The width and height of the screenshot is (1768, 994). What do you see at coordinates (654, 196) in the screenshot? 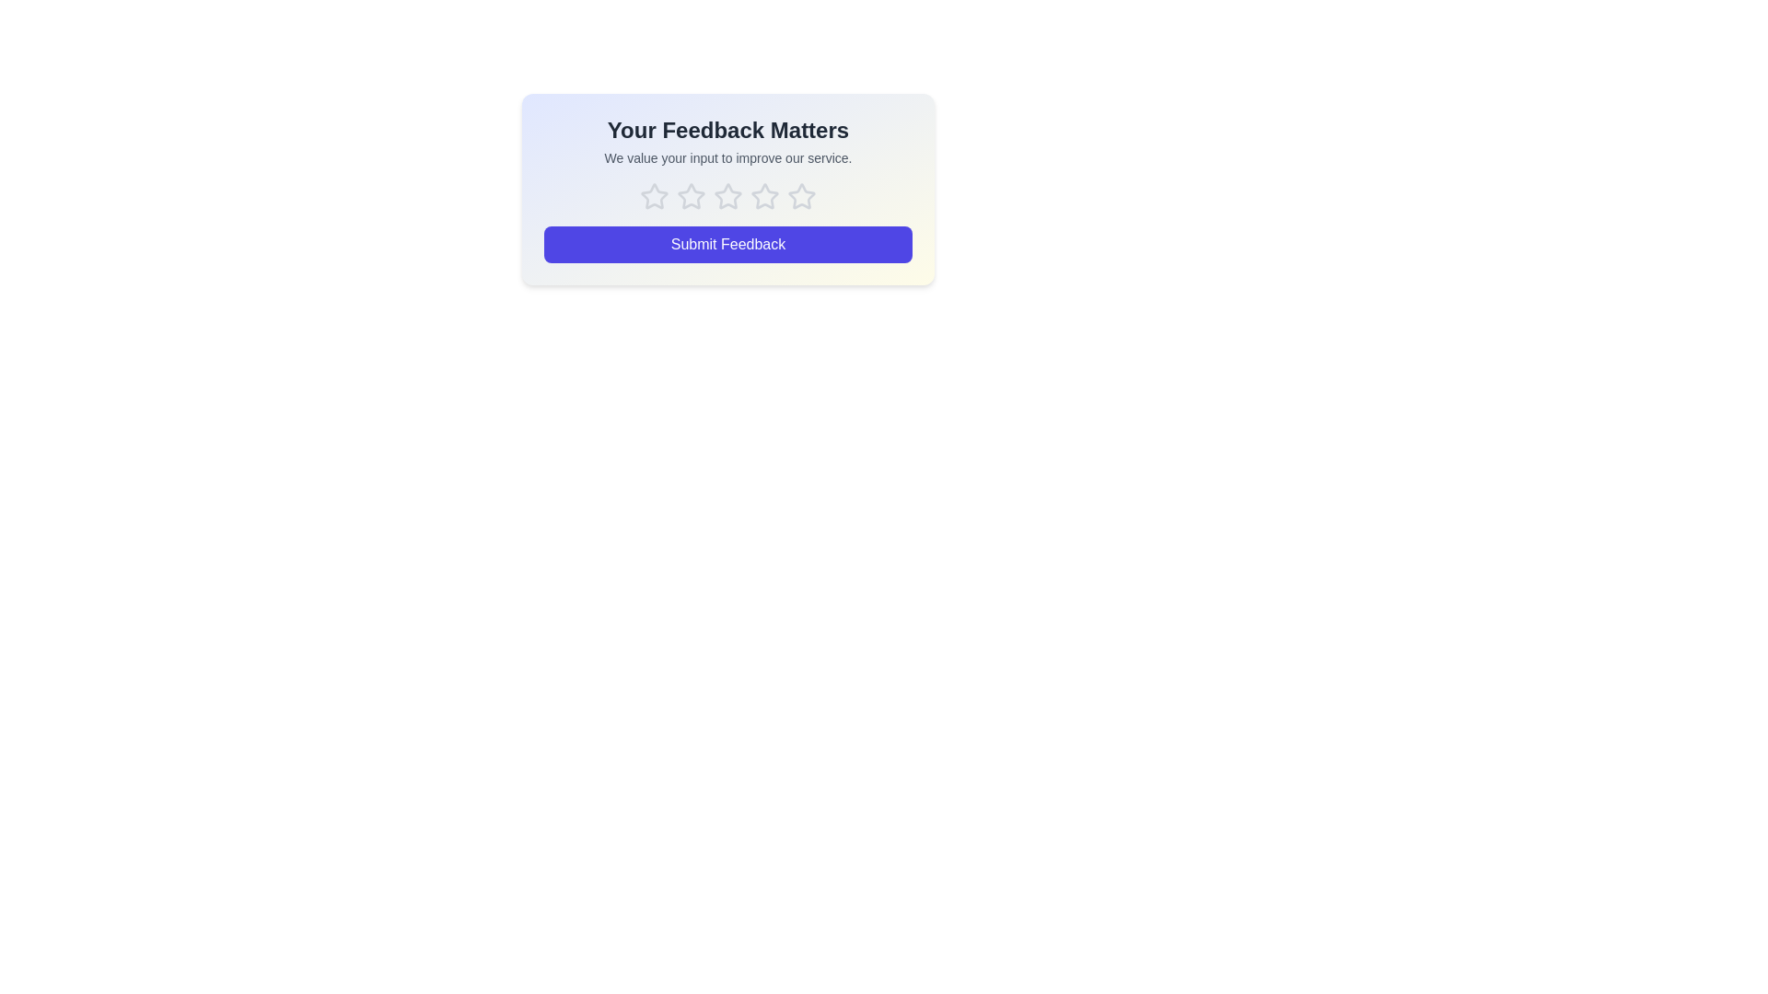
I see `the first rating star icon` at bounding box center [654, 196].